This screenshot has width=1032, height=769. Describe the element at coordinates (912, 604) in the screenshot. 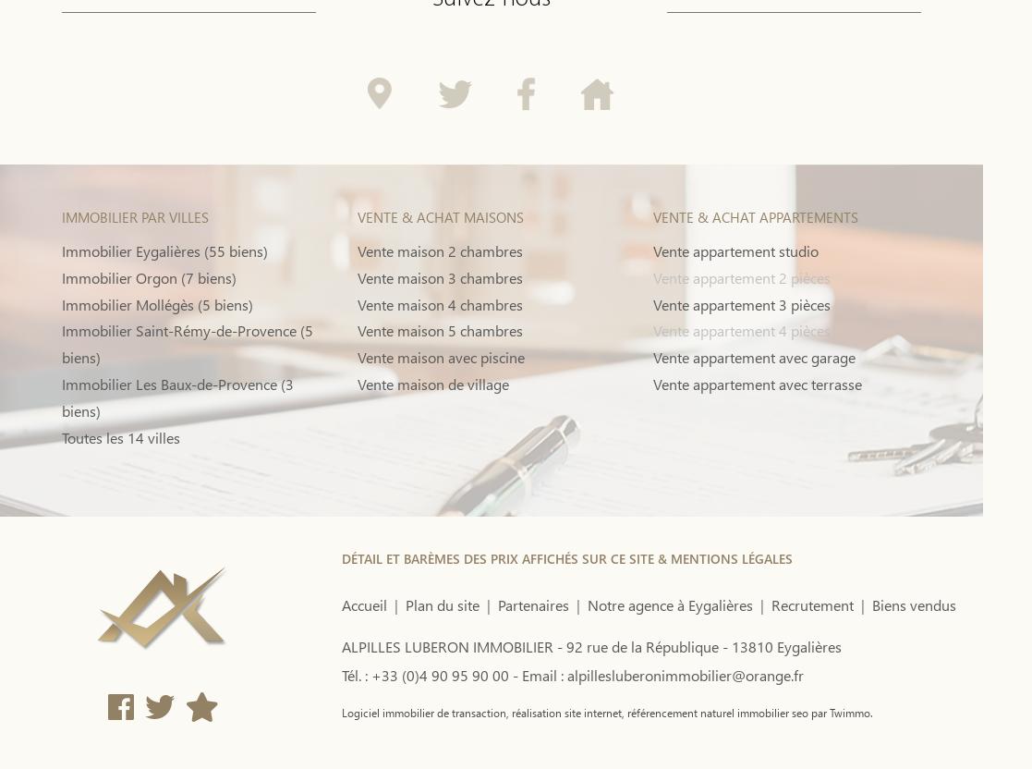

I see `'Biens vendus'` at that location.